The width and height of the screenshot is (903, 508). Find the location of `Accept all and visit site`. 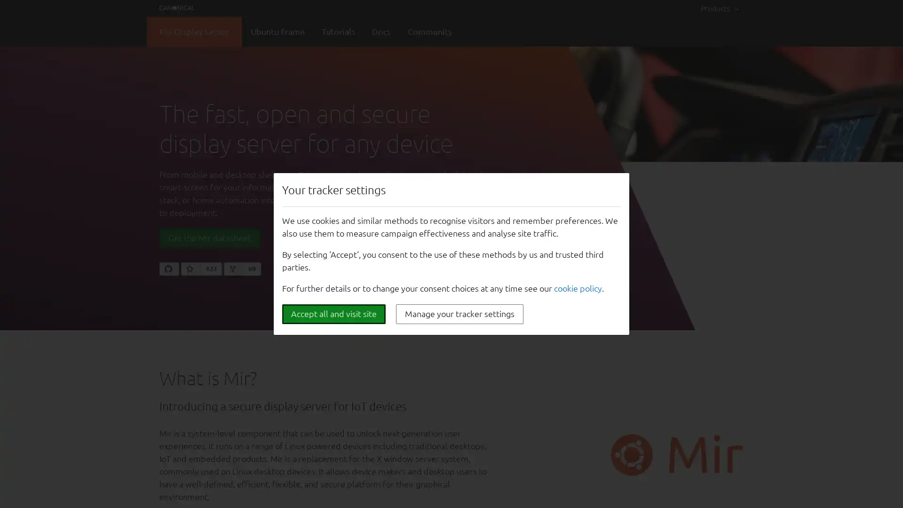

Accept all and visit site is located at coordinates (334, 314).